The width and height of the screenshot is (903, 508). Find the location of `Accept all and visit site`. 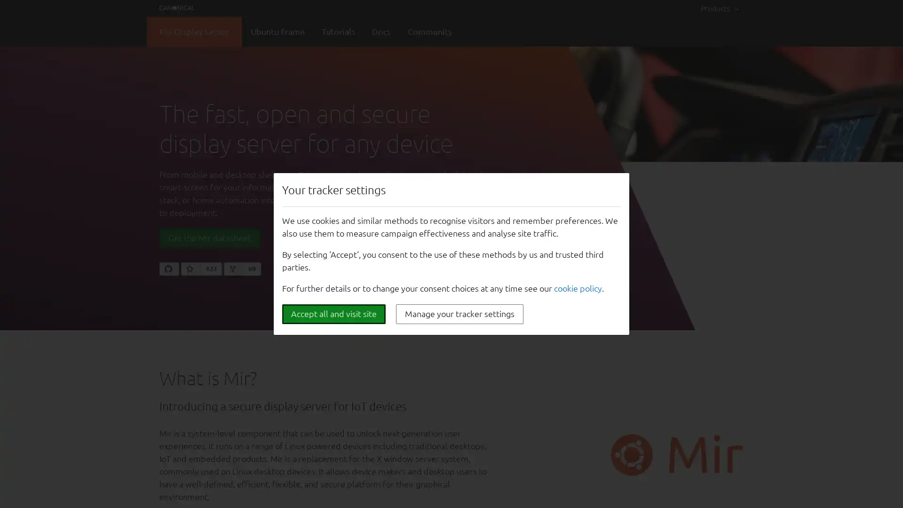

Accept all and visit site is located at coordinates (334, 314).